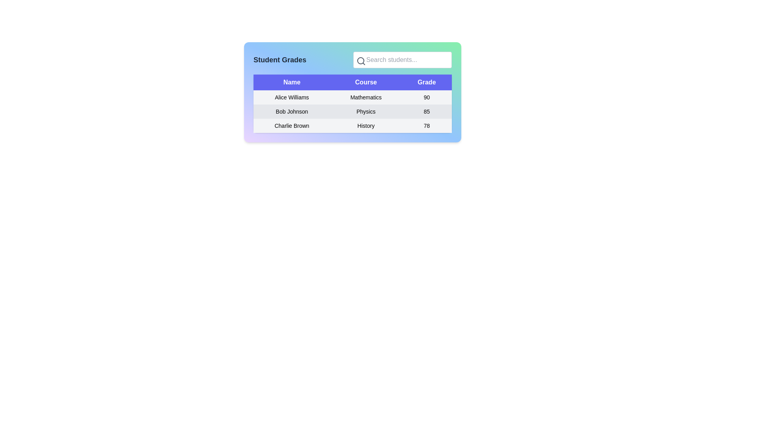 The width and height of the screenshot is (757, 426). I want to click on an individual field within the Data Table containing student data, which is organized in rows and columns with clear gridlines and alternating background colors for readability, so click(352, 111).